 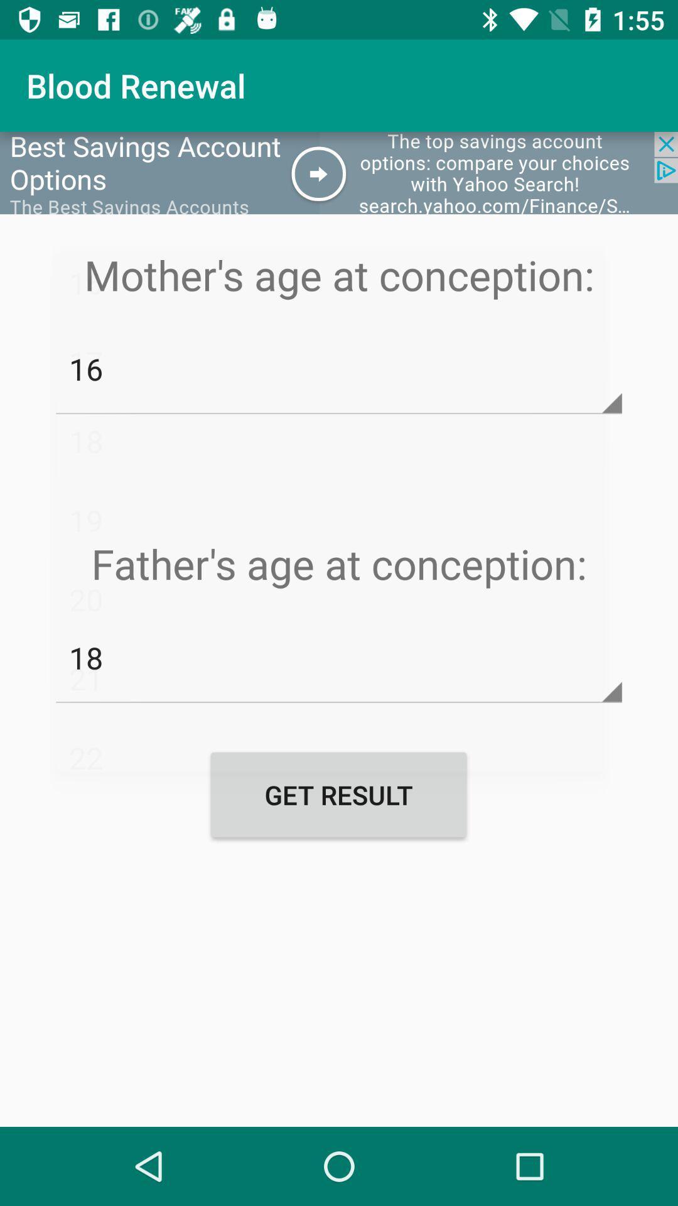 I want to click on item below 18 item, so click(x=338, y=794).